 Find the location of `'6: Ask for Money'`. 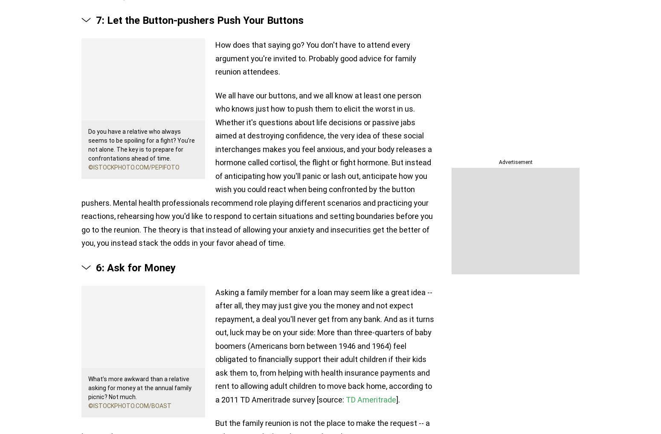

'6: Ask for Money' is located at coordinates (135, 267).